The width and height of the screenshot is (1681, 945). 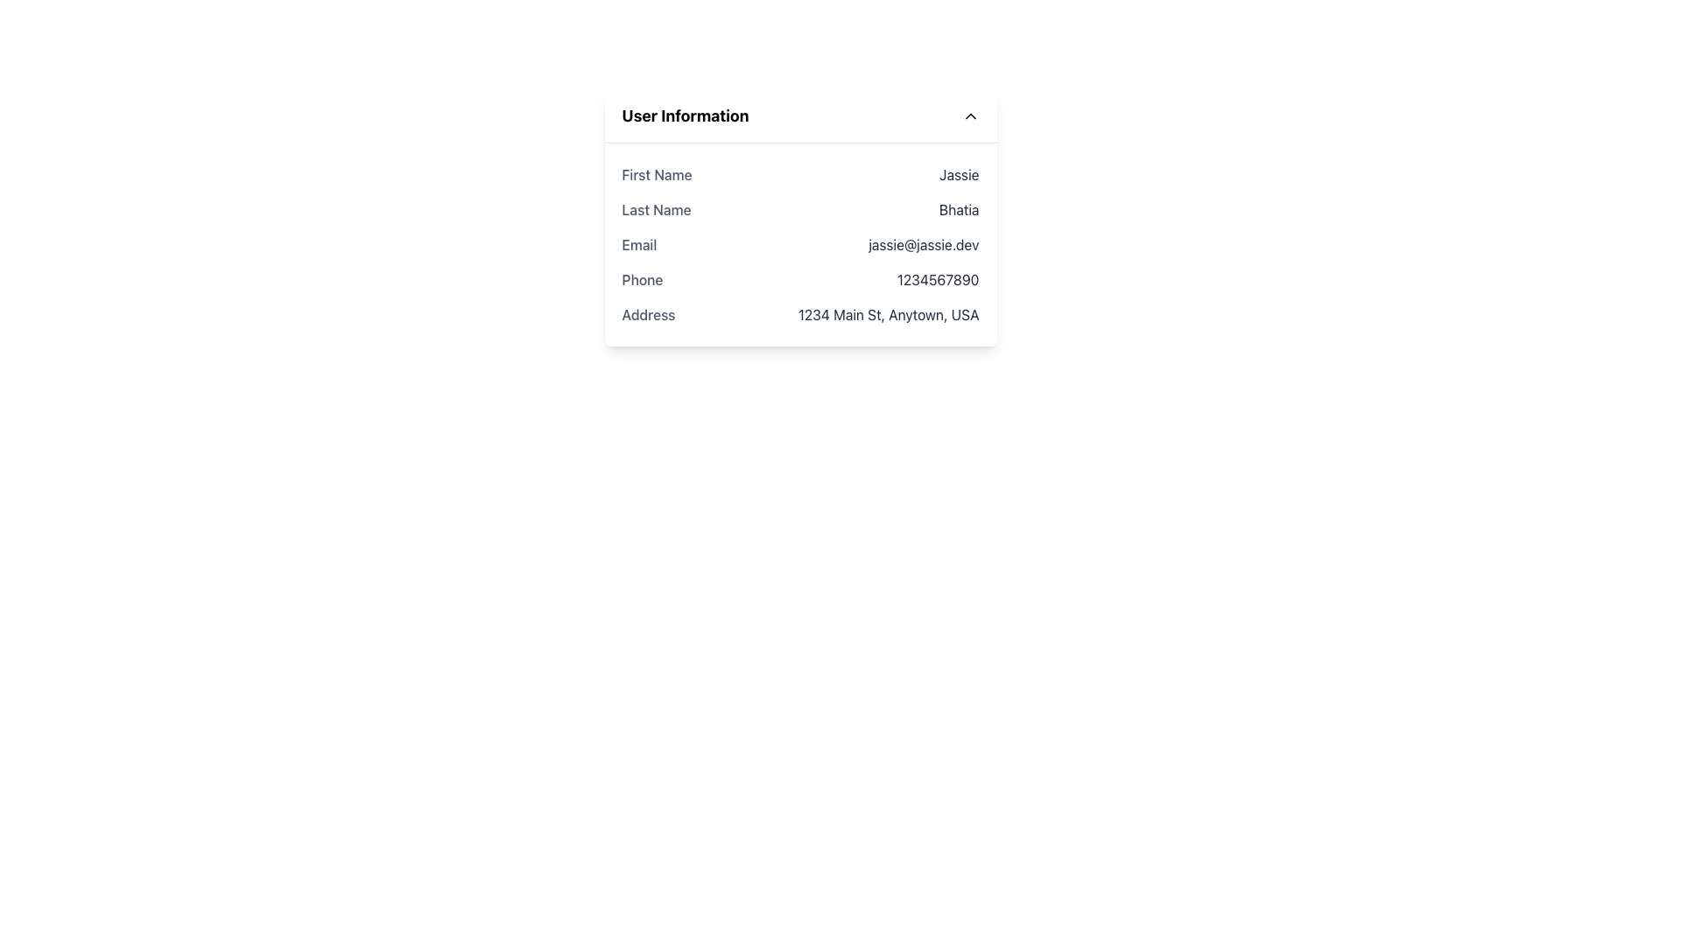 I want to click on the static text label displaying 'jassie@jassie.dev', which is positioned in the fourth row of user contact details under 'User Information', so click(x=923, y=245).